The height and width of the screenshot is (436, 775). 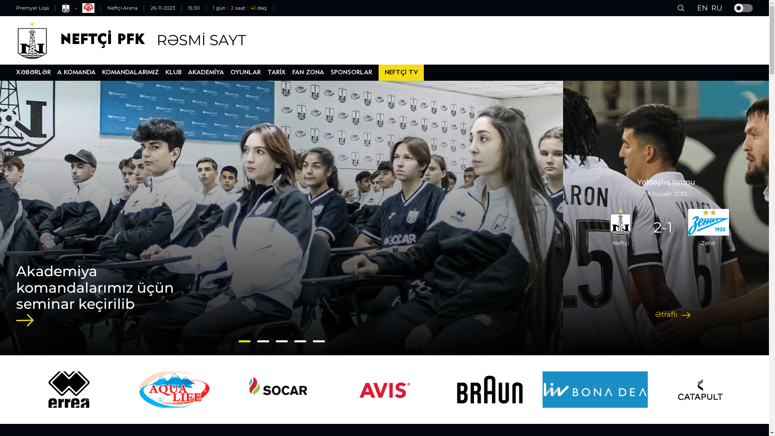 What do you see at coordinates (165, 73) in the screenshot?
I see `'KLUB'` at bounding box center [165, 73].